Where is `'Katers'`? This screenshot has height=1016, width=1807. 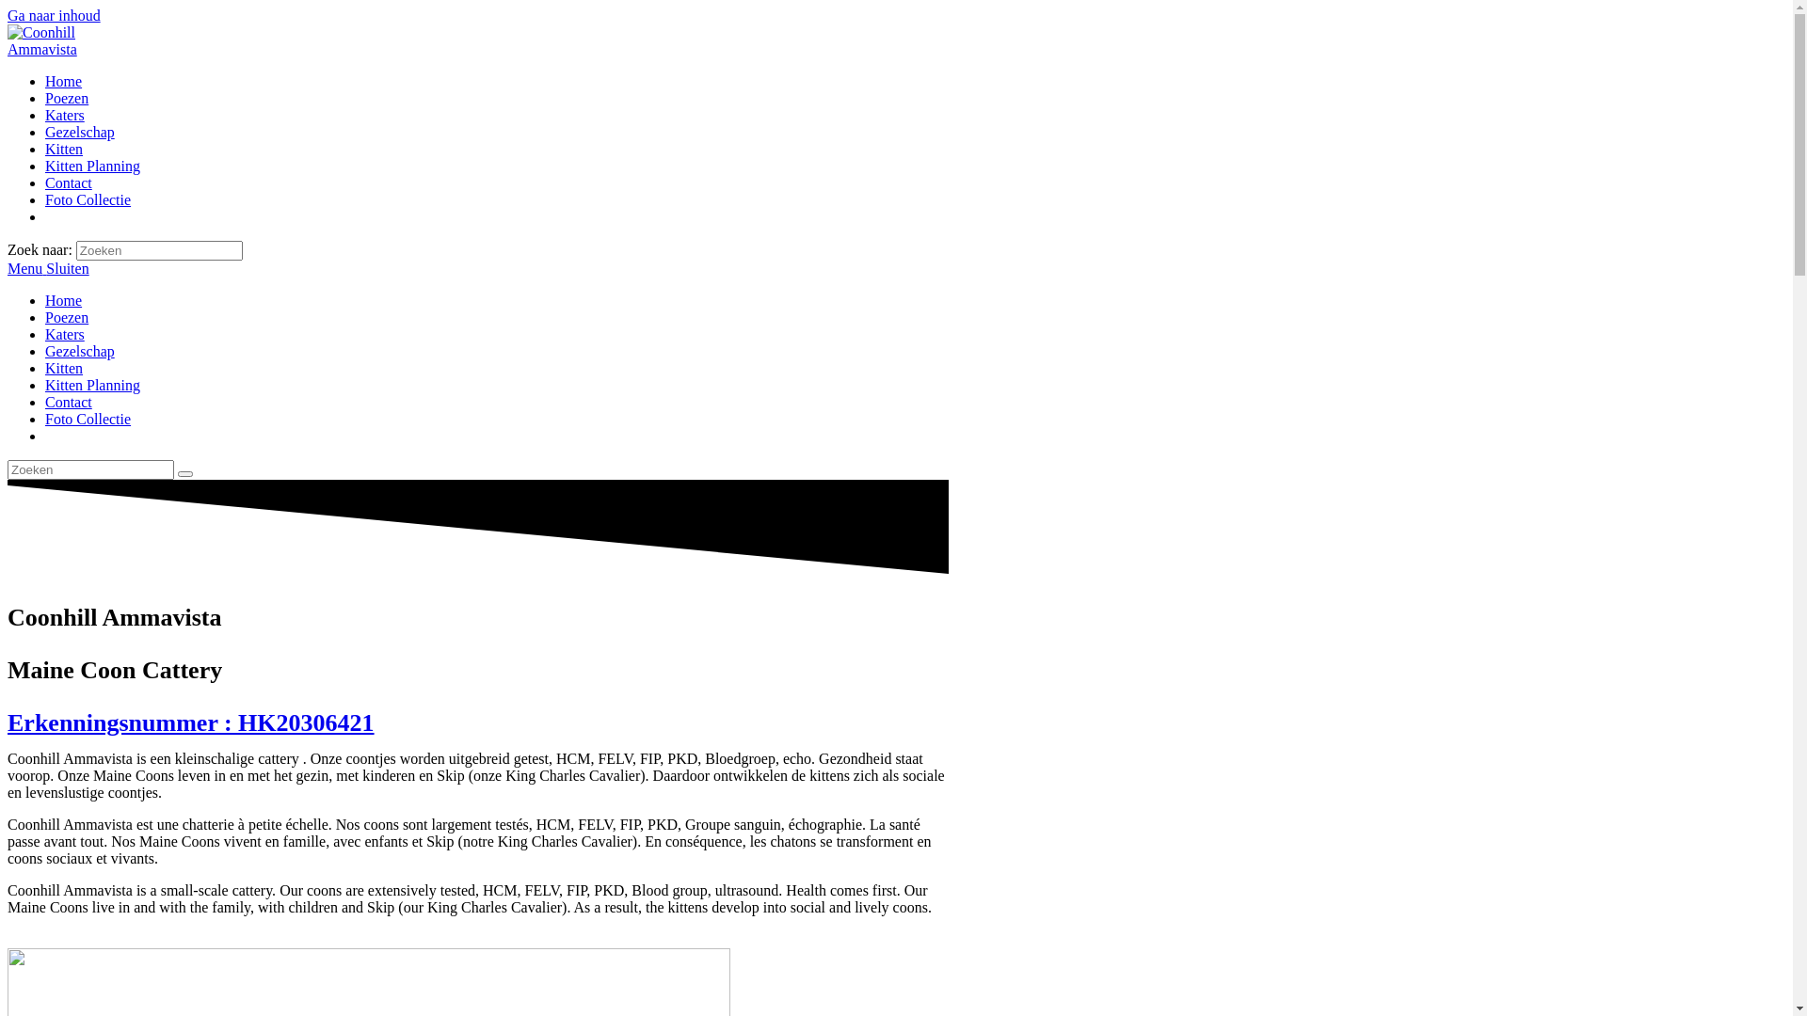 'Katers' is located at coordinates (45, 115).